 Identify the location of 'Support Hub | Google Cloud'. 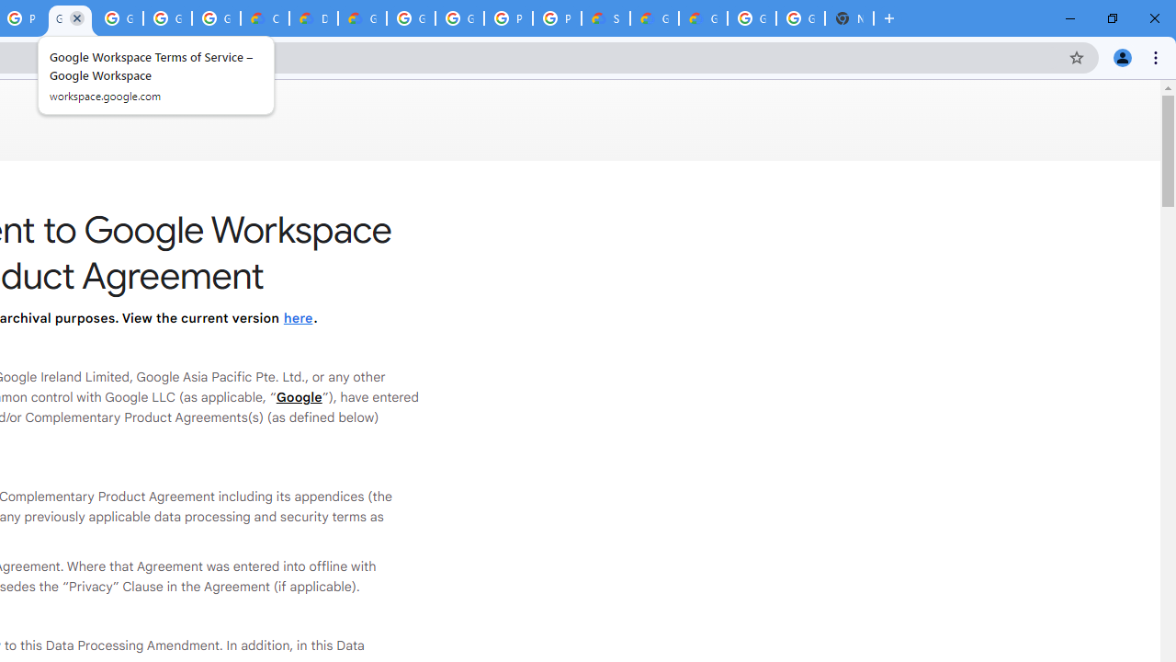
(605, 18).